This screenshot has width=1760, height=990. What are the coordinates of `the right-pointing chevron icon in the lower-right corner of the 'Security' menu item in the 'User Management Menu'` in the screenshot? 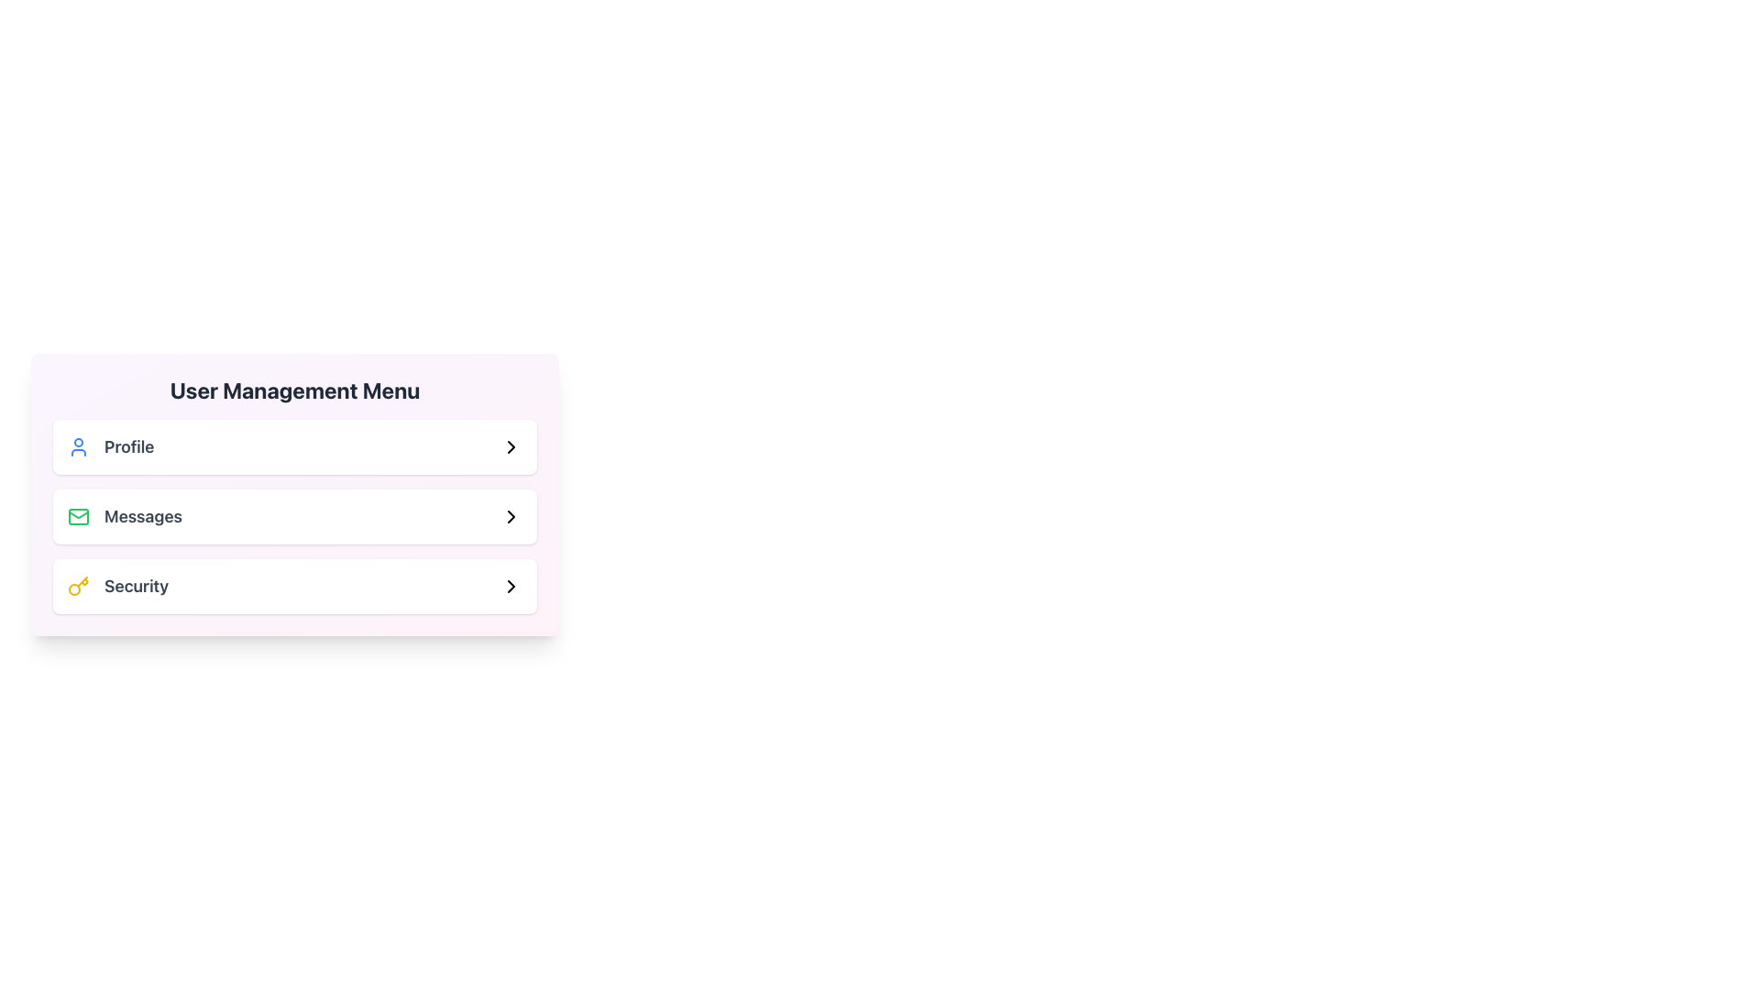 It's located at (511, 587).